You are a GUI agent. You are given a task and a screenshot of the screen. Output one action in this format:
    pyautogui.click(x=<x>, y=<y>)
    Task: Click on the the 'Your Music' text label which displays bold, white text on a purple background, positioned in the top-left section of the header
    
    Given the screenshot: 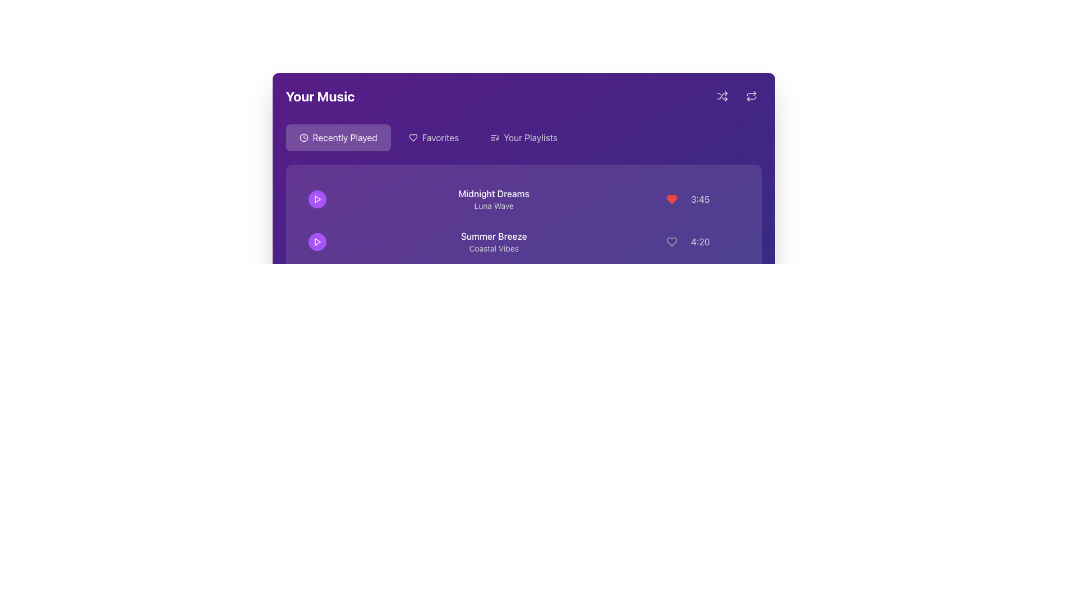 What is the action you would take?
    pyautogui.click(x=320, y=96)
    